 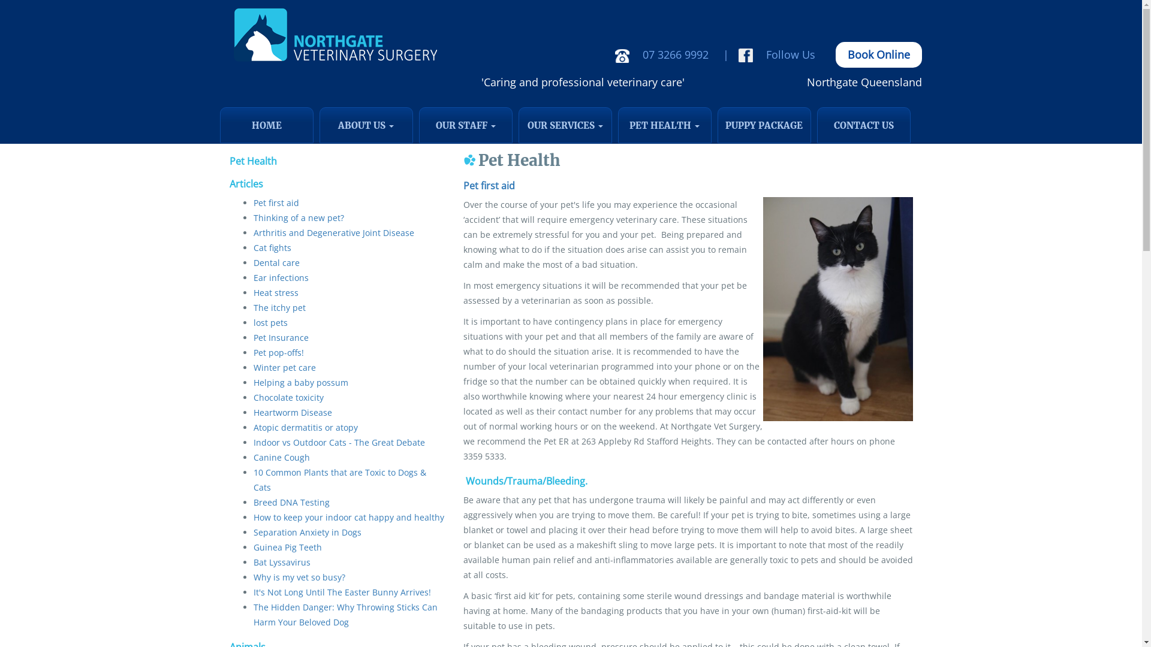 I want to click on 'ABOUT US', so click(x=319, y=125).